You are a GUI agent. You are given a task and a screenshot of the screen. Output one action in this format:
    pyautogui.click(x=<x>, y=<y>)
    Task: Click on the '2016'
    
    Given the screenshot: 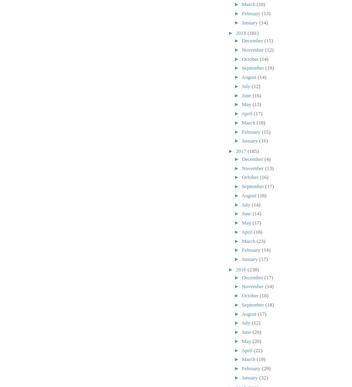 What is the action you would take?
    pyautogui.click(x=241, y=269)
    